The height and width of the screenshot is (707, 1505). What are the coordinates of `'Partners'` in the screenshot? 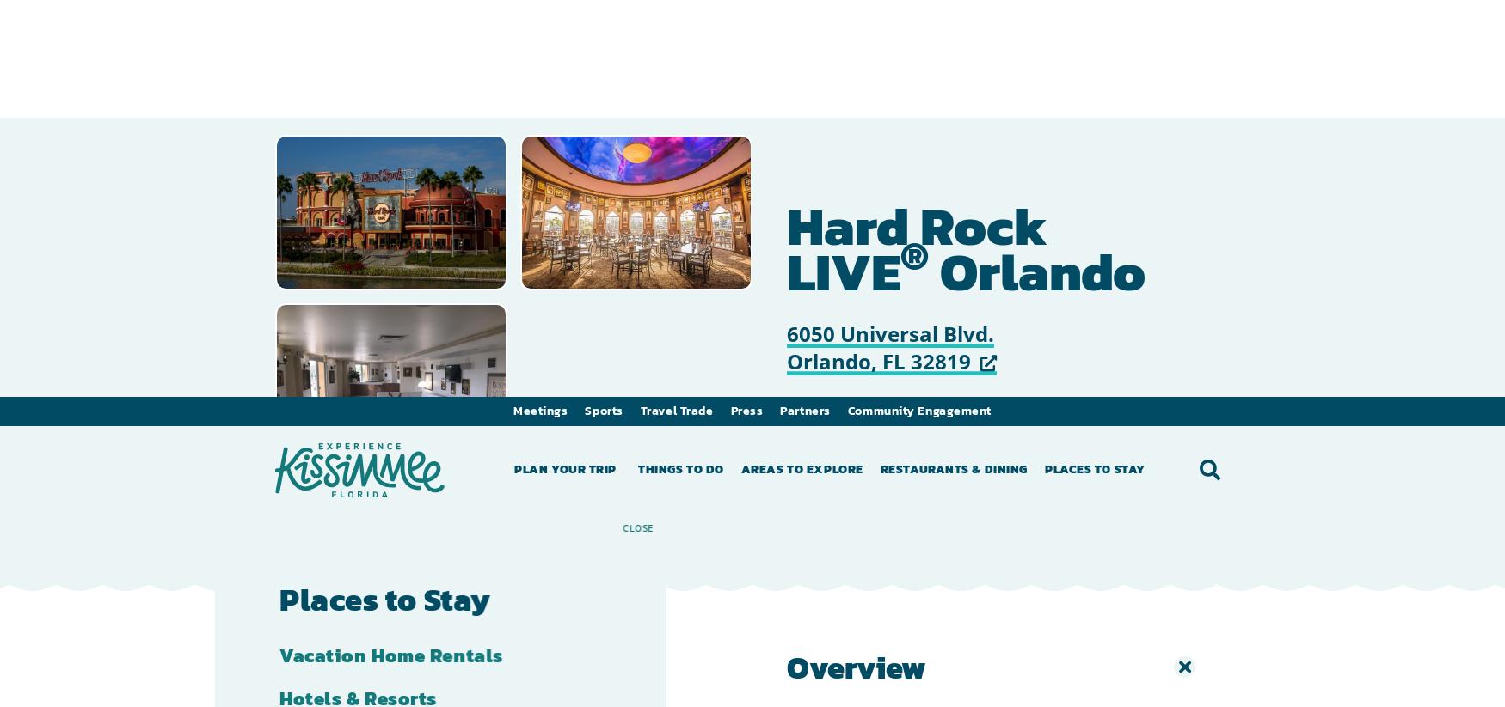 It's located at (804, 13).